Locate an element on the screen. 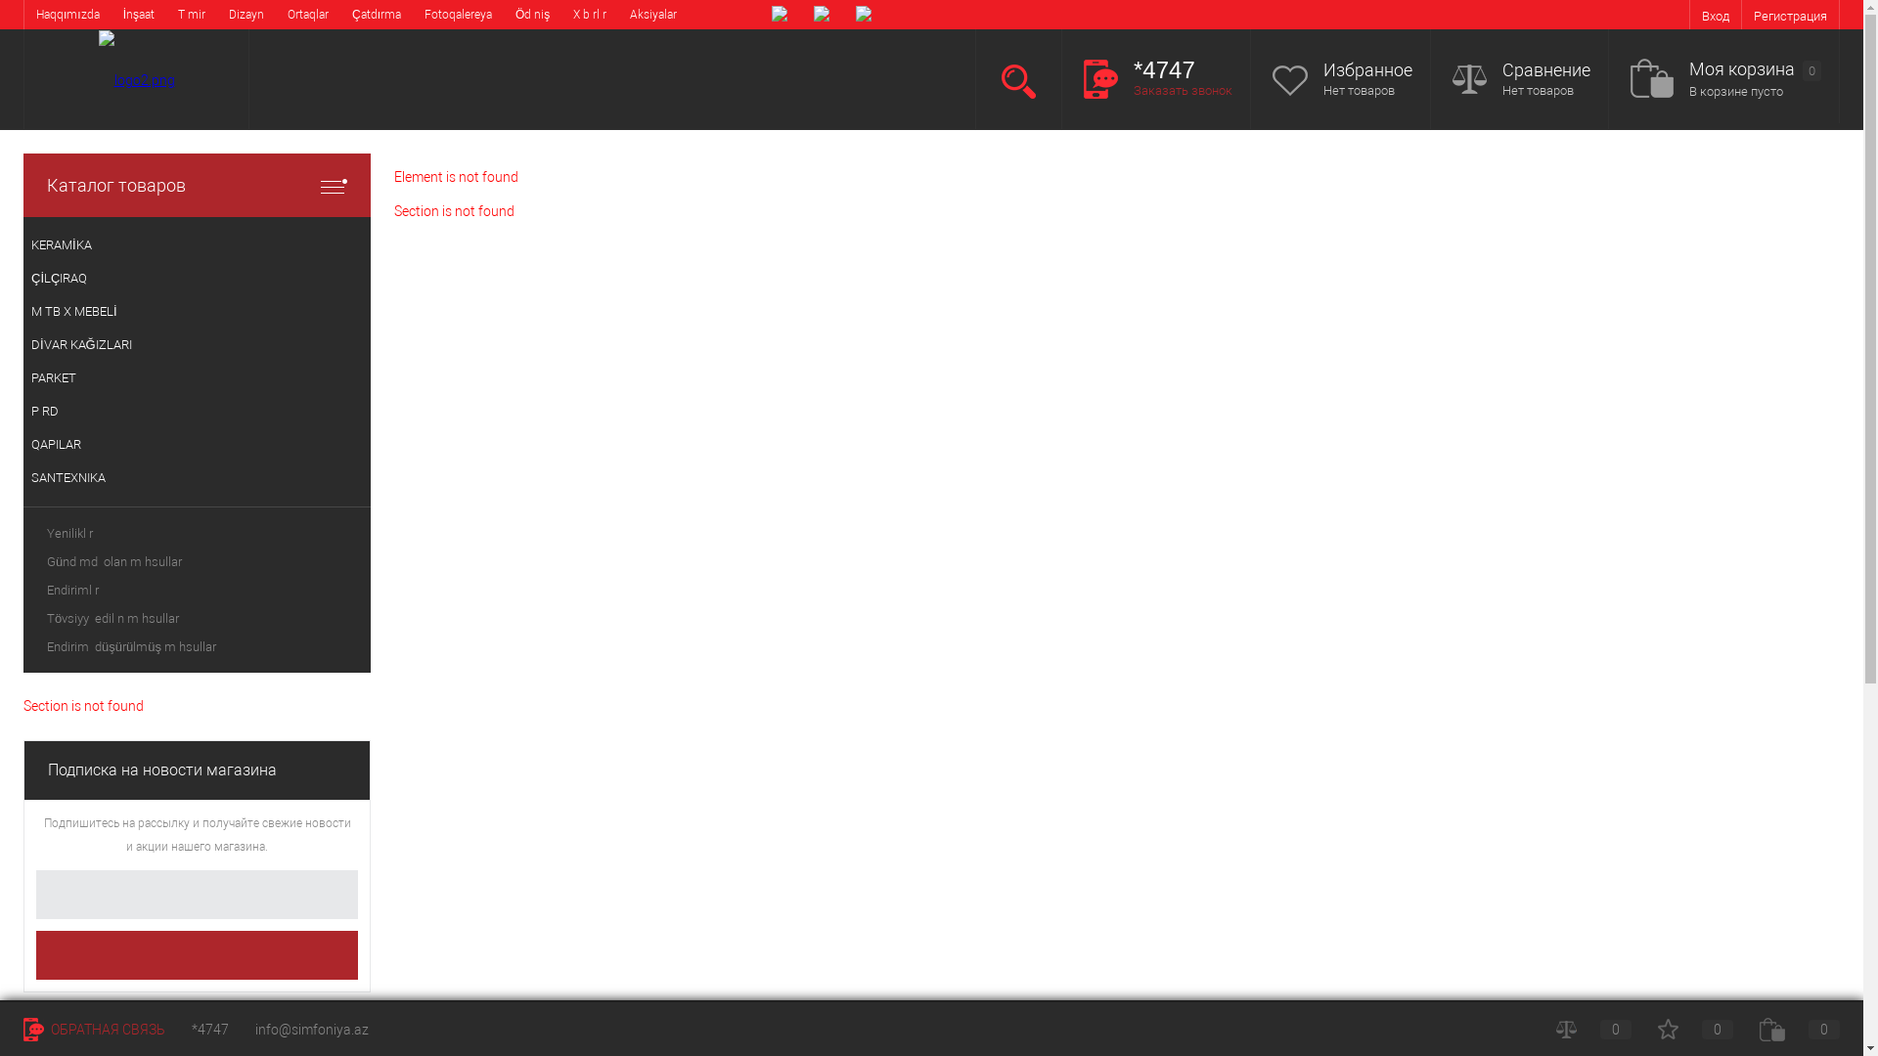  'Ortaqlar' is located at coordinates (307, 15).